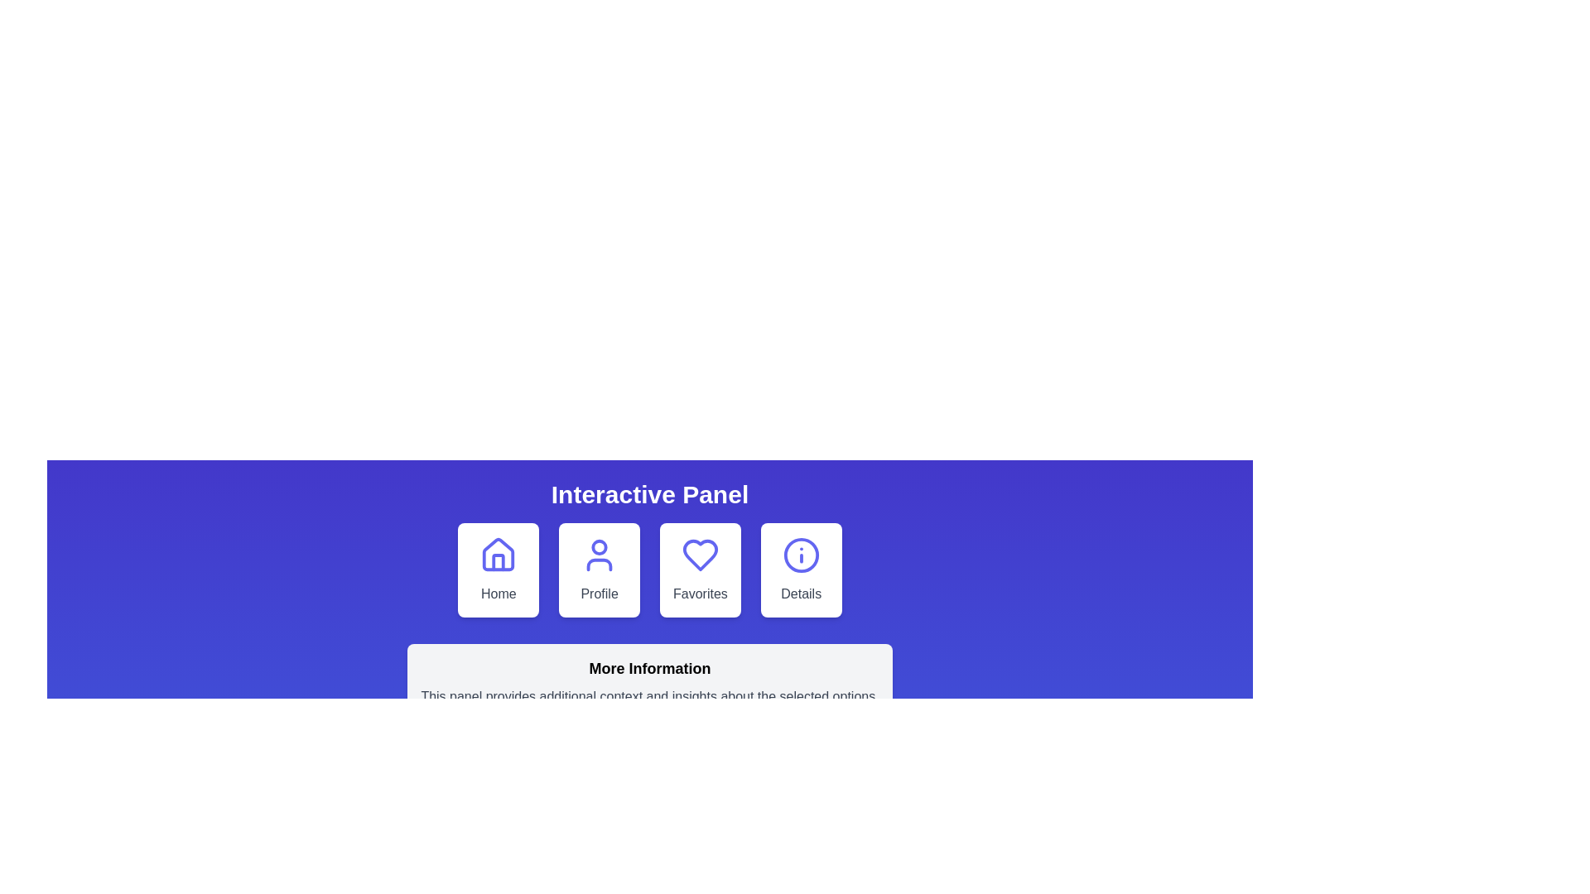 Image resolution: width=1590 pixels, height=894 pixels. I want to click on the Informational Panel that has a light gray background, rounded corners, and shadow styling, containing the title 'More Information' and description 'This panel provides additional context and insights about the selected options.', so click(649, 682).